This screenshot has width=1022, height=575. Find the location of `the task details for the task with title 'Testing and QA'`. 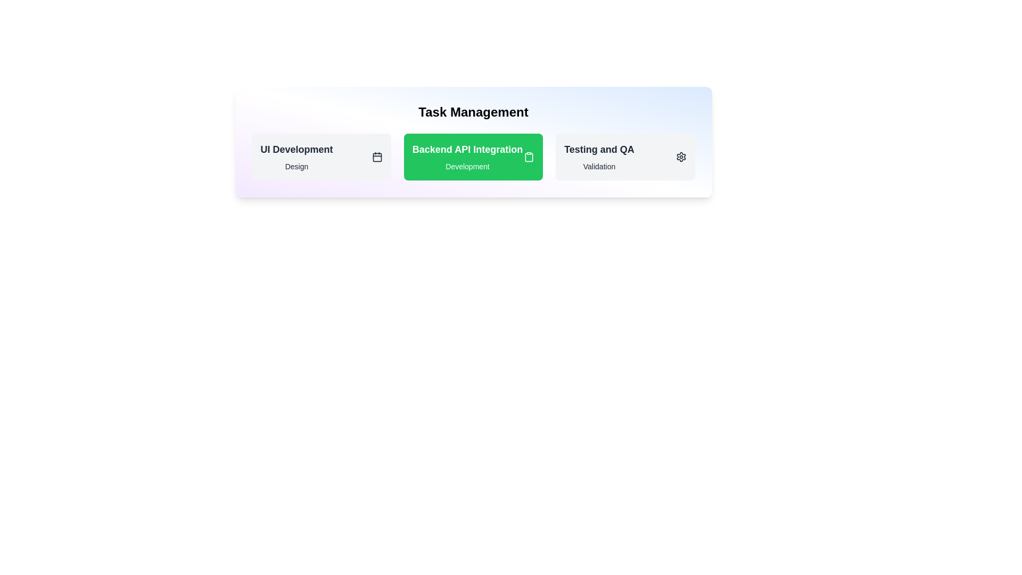

the task details for the task with title 'Testing and QA' is located at coordinates (599, 150).